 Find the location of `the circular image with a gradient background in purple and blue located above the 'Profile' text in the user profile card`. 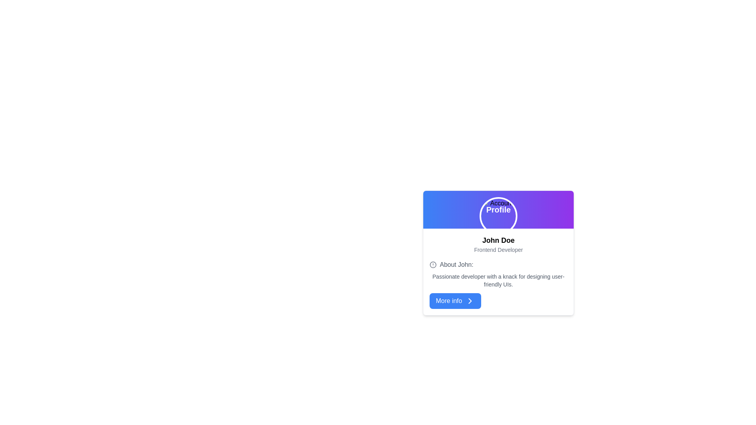

the circular image with a gradient background in purple and blue located above the 'Profile' text in the user profile card is located at coordinates (498, 216).